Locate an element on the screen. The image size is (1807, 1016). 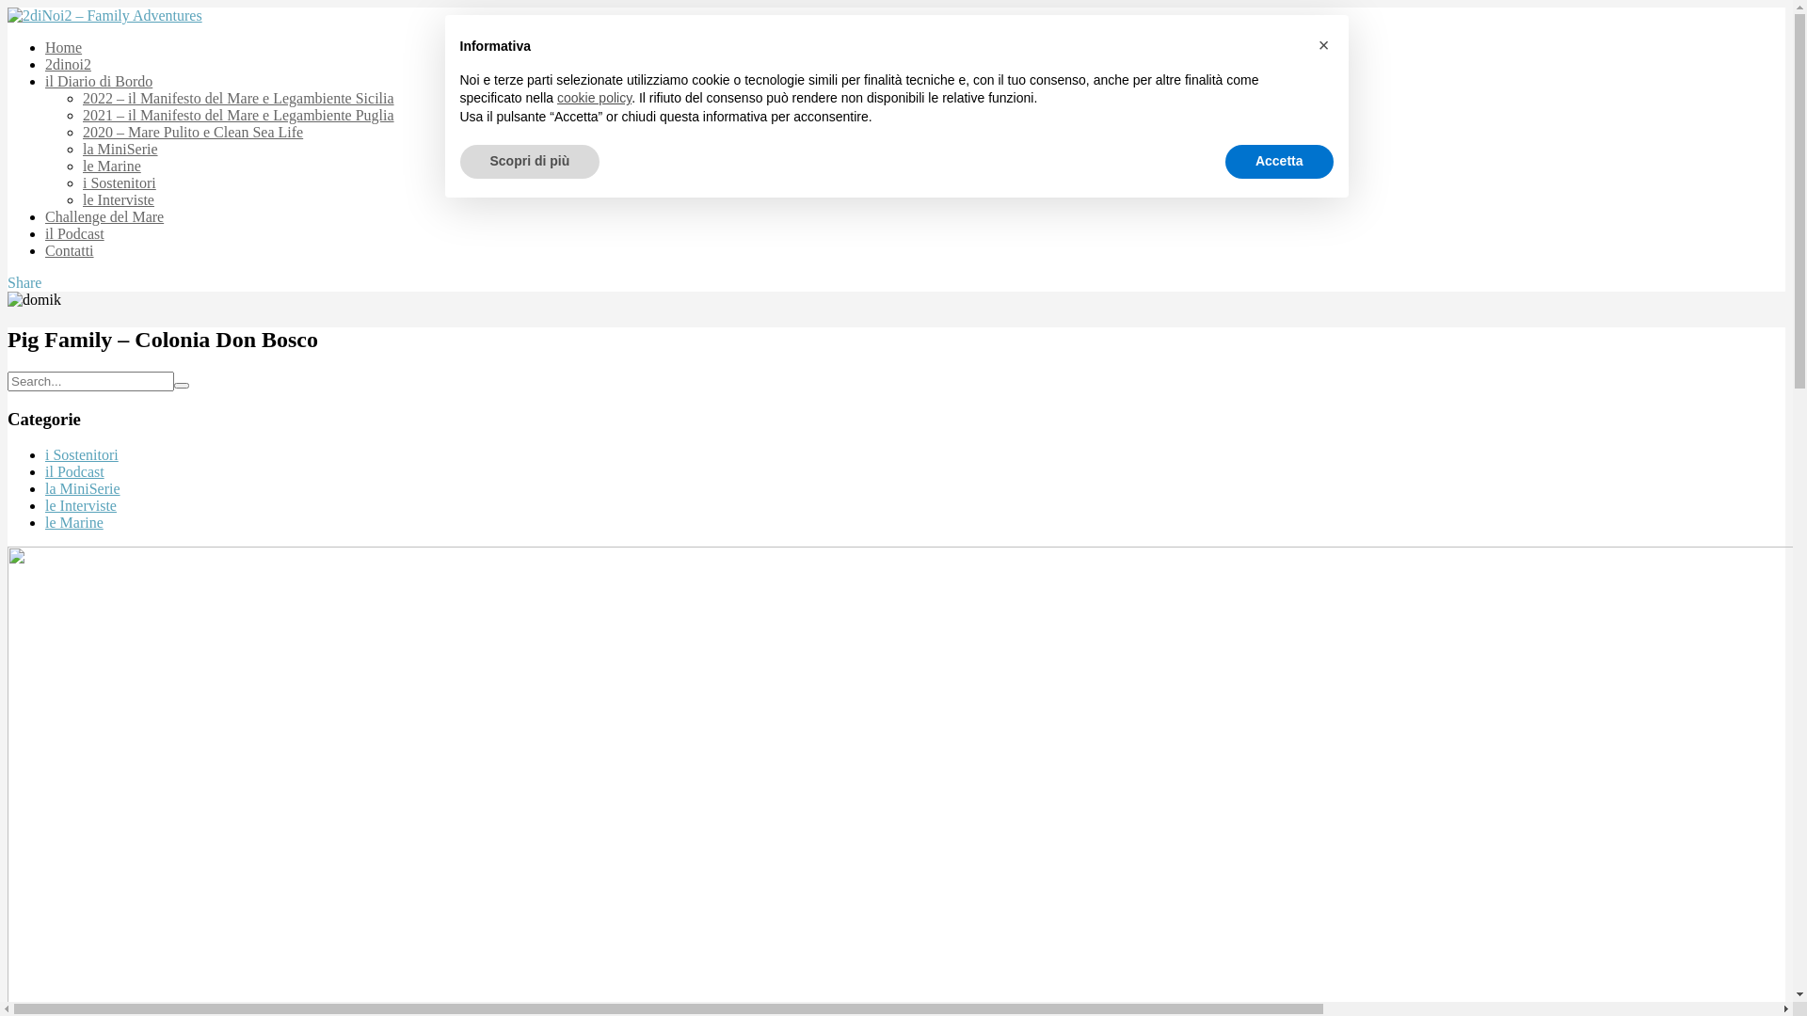
'Challenge del Mare' is located at coordinates (103, 215).